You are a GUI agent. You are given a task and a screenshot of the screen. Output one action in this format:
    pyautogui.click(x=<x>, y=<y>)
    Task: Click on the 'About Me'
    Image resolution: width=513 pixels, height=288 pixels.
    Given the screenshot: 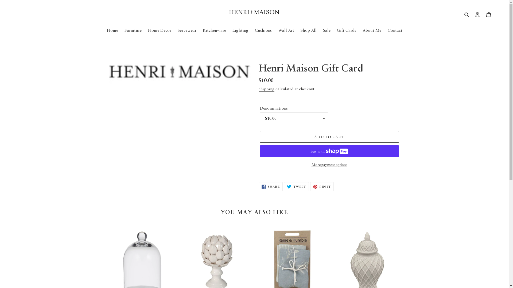 What is the action you would take?
    pyautogui.click(x=371, y=30)
    